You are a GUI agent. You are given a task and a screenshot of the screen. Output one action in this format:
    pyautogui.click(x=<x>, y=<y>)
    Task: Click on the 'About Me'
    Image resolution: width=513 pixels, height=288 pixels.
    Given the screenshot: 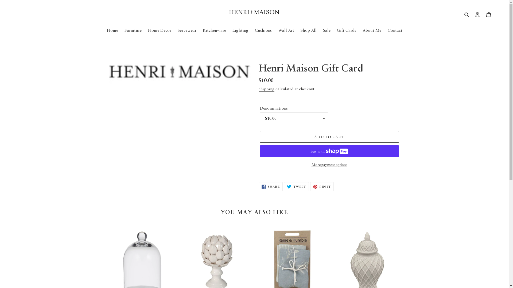 What is the action you would take?
    pyautogui.click(x=371, y=30)
    